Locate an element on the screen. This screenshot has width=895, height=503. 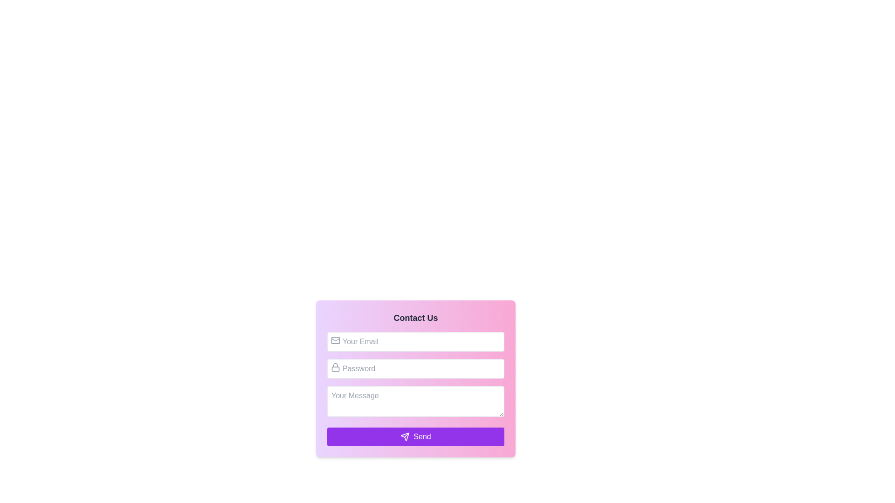
the triangular send icon located inside the purple 'Send' button at the bottom of the form is located at coordinates (405, 436).